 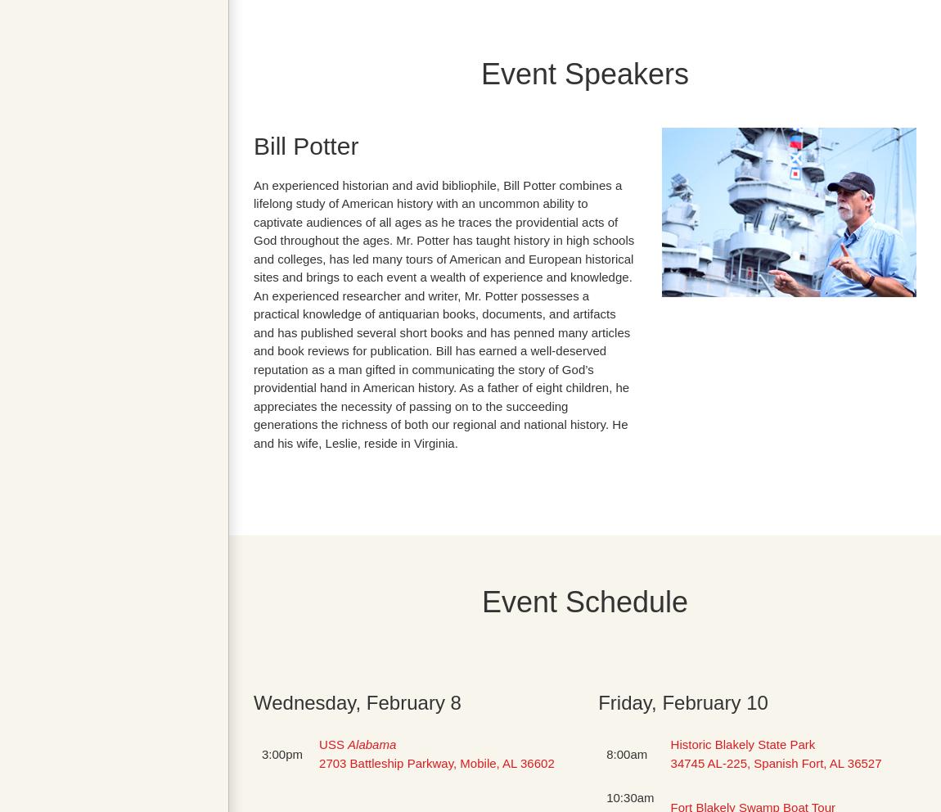 What do you see at coordinates (357, 701) in the screenshot?
I see `'Wednesday, February 8'` at bounding box center [357, 701].